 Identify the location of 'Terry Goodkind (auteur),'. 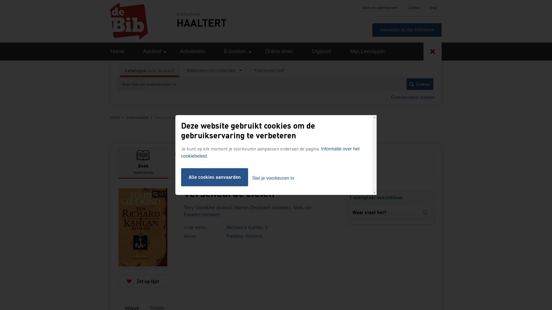
(183, 208).